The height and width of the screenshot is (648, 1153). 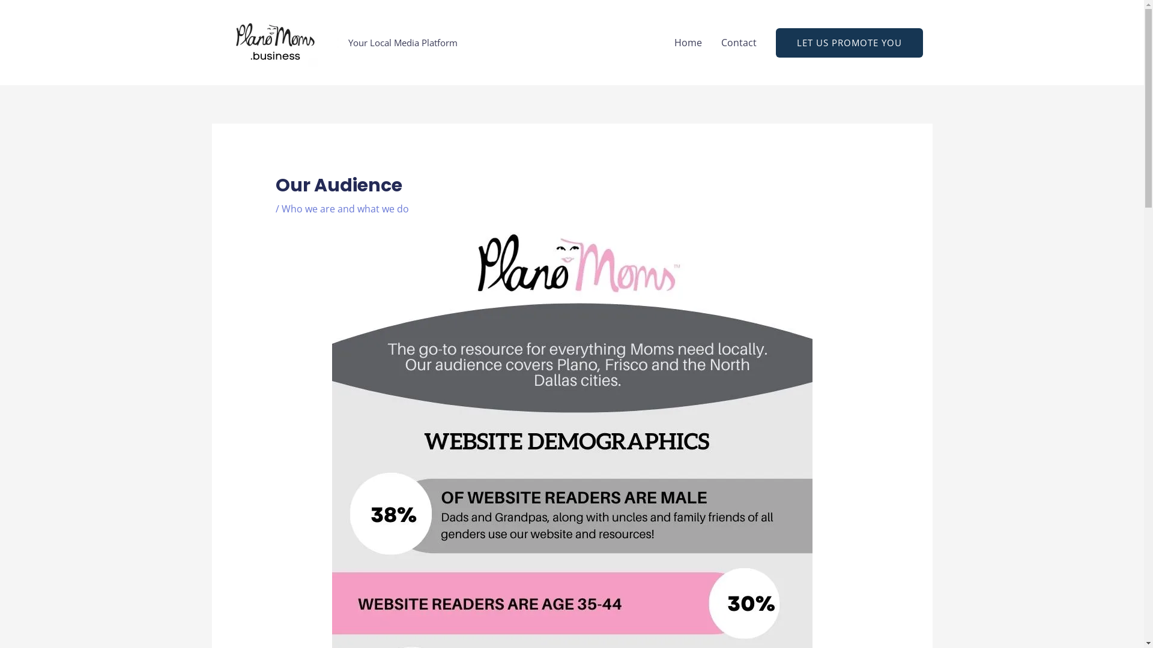 I want to click on 'LET US PROMOTE YOU', so click(x=849, y=41).